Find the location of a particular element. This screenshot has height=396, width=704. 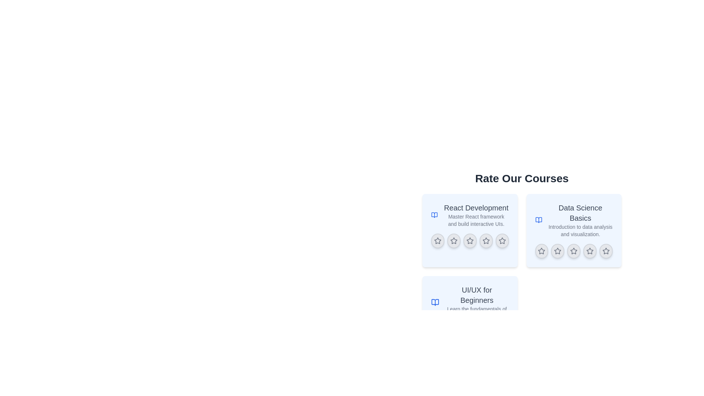

the first star icon in the rating bar below the 'React Development' course tile is located at coordinates (437, 241).